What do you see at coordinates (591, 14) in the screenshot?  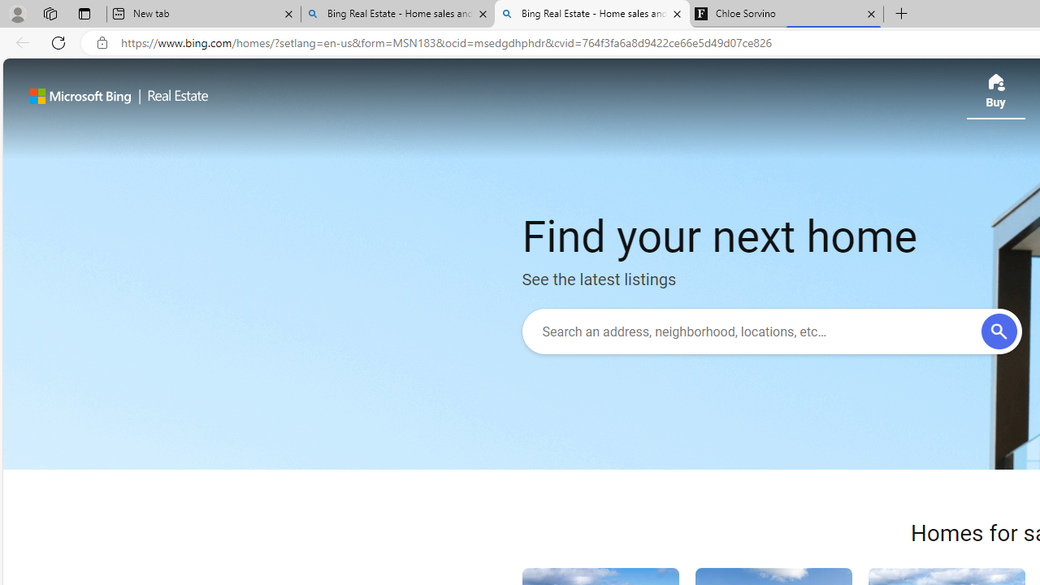 I see `'Bing Real Estate - Home sales and rental listings'` at bounding box center [591, 14].